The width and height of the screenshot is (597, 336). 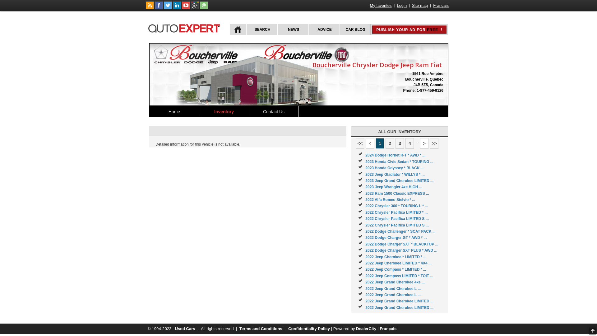 What do you see at coordinates (274, 111) in the screenshot?
I see `'Contact Us'` at bounding box center [274, 111].